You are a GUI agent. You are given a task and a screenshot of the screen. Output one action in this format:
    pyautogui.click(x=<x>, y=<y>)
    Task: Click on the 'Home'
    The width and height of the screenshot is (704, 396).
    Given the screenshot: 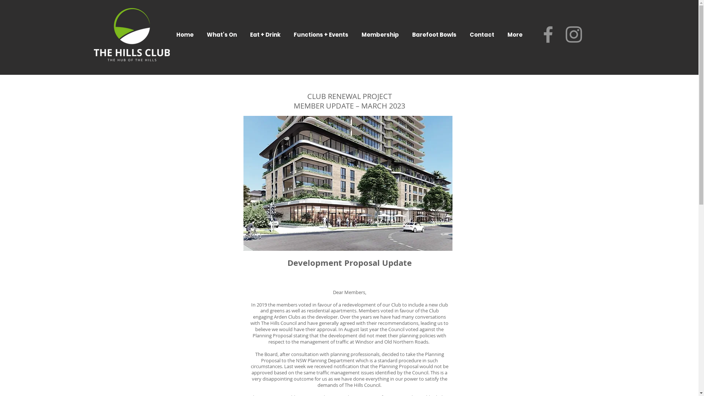 What is the action you would take?
    pyautogui.click(x=184, y=34)
    